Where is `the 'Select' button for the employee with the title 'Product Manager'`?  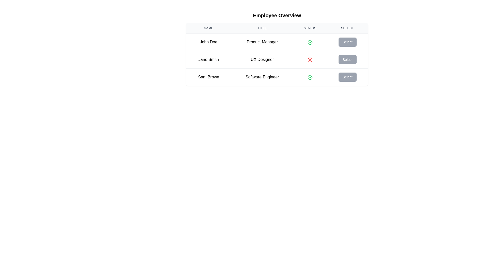
the 'Select' button for the employee with the title 'Product Manager' is located at coordinates (347, 42).